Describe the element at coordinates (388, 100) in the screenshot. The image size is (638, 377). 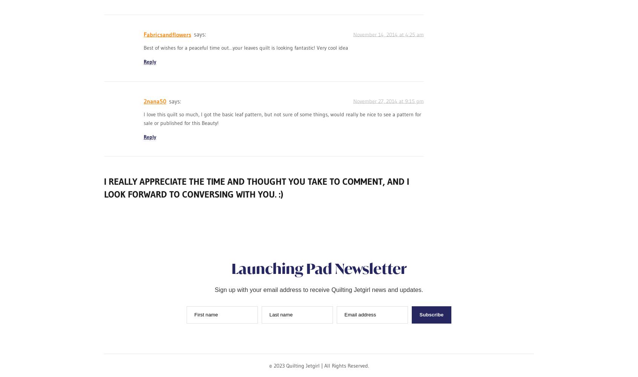
I see `'November 27, 2014 at 9:15 pm'` at that location.